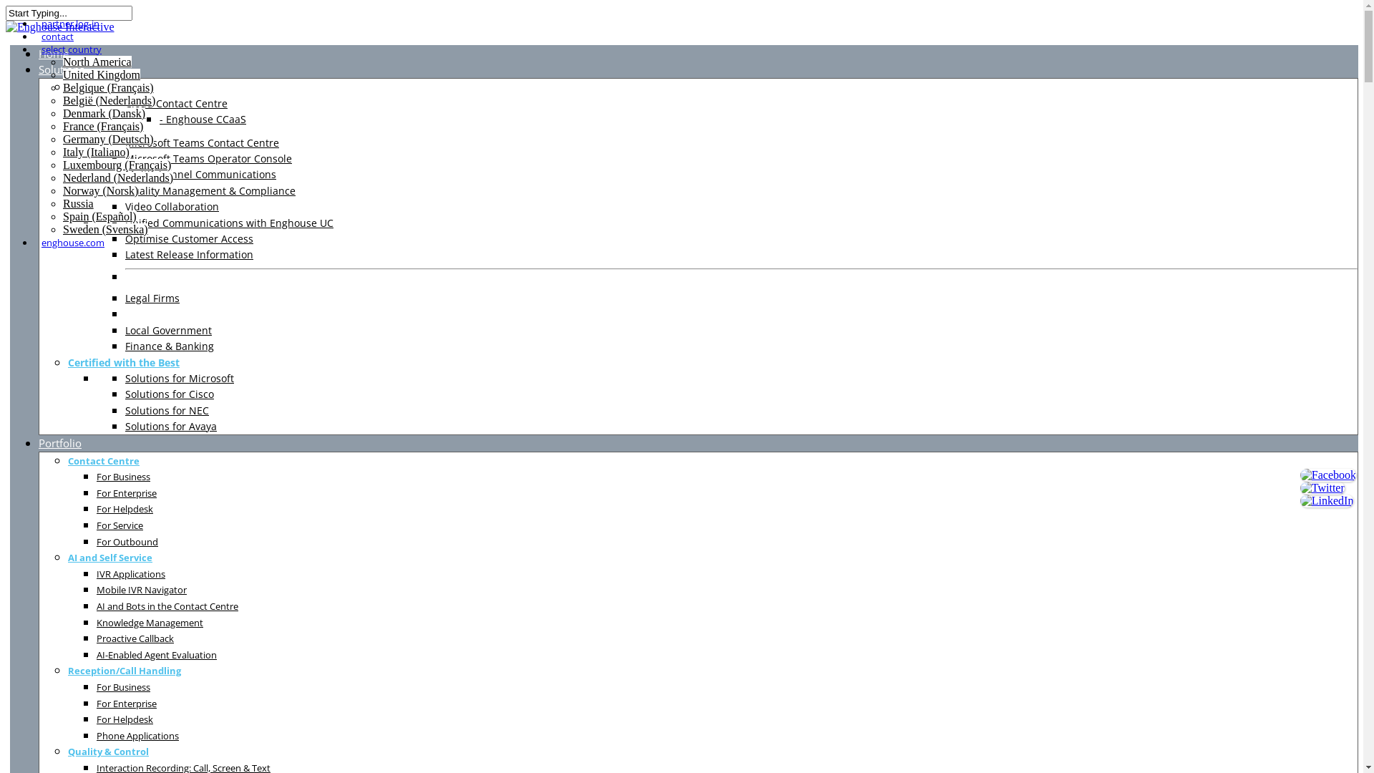 Image resolution: width=1374 pixels, height=773 pixels. I want to click on 'Certified with the Best', so click(123, 361).